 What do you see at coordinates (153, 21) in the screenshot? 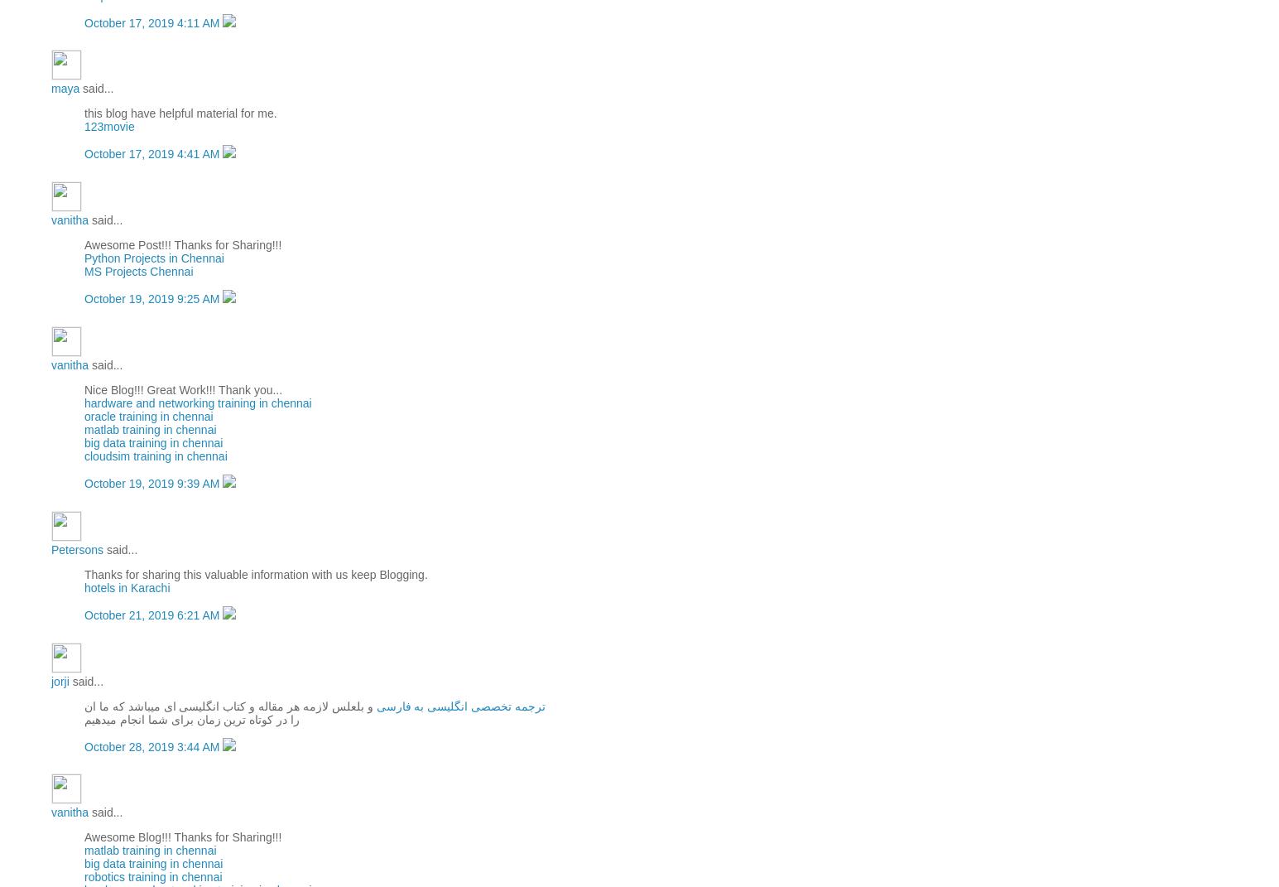
I see `'October 17, 2019 4:11 AM'` at bounding box center [153, 21].